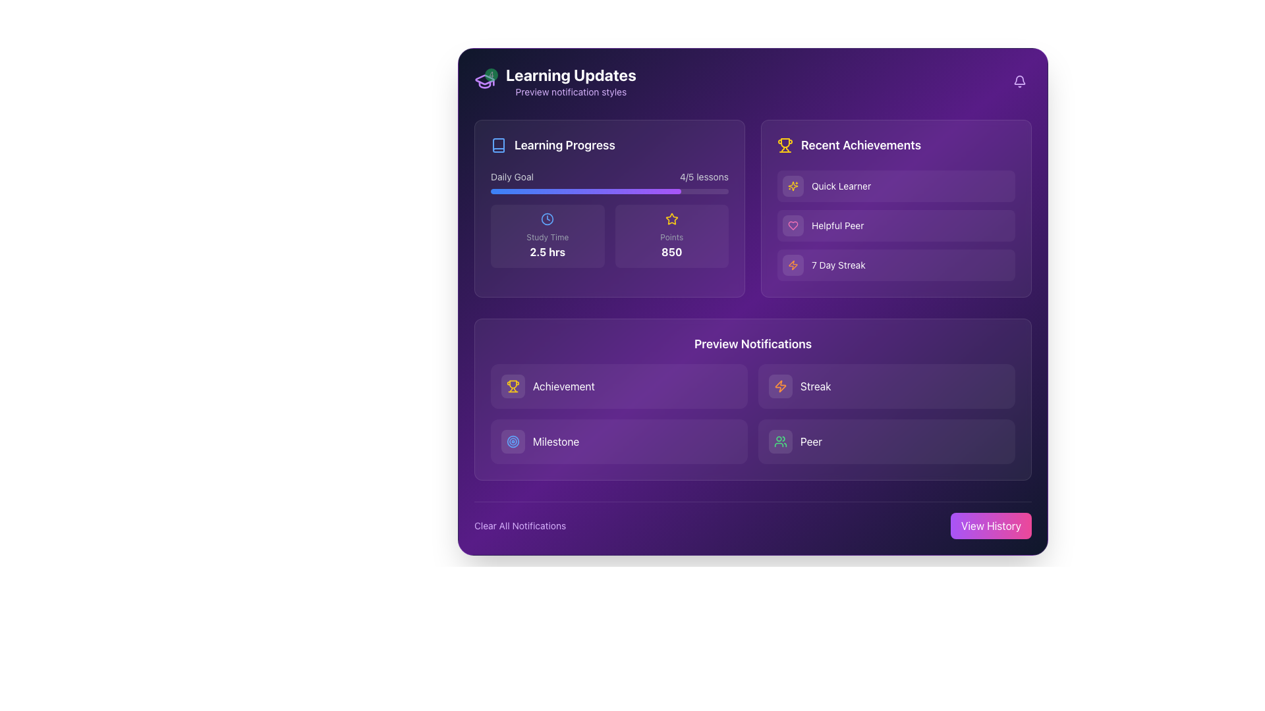 Image resolution: width=1265 pixels, height=711 pixels. Describe the element at coordinates (752, 398) in the screenshot. I see `to select text within the interactive notification panel located centrally beneath the 'Learning Progress' and 'Recent Achievements' sections` at that location.